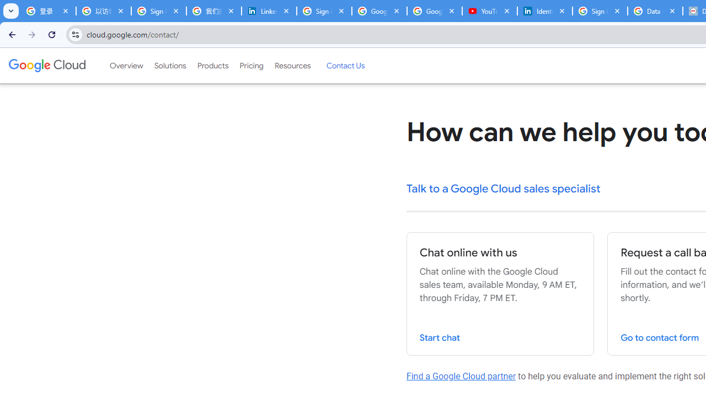 This screenshot has height=397, width=706. I want to click on 'Contact Us', so click(345, 66).